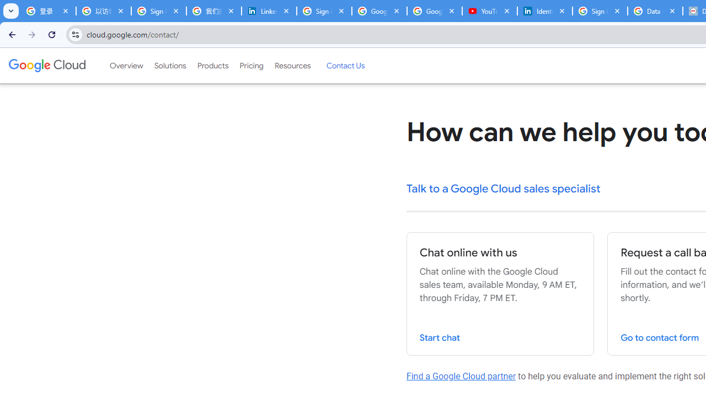 This screenshot has height=397, width=706. I want to click on 'Contact Us', so click(345, 66).